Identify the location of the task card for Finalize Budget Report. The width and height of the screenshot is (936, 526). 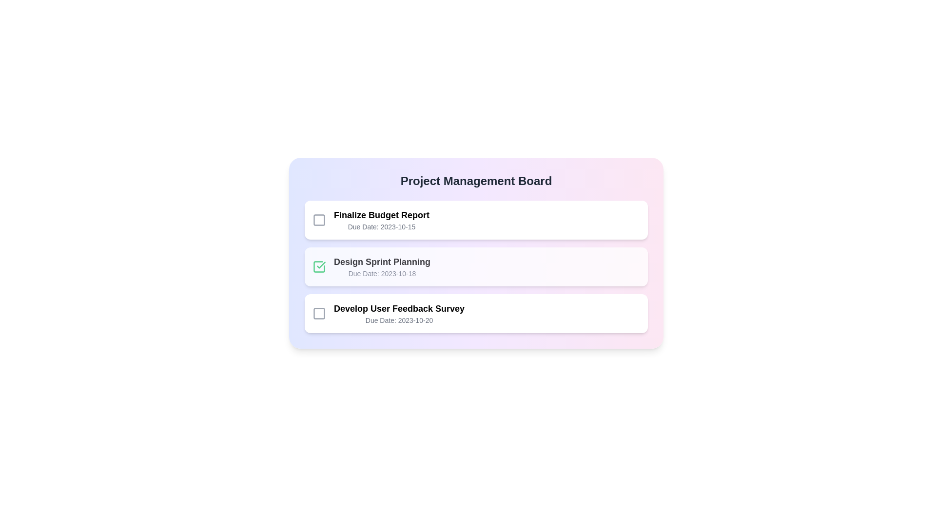
(476, 220).